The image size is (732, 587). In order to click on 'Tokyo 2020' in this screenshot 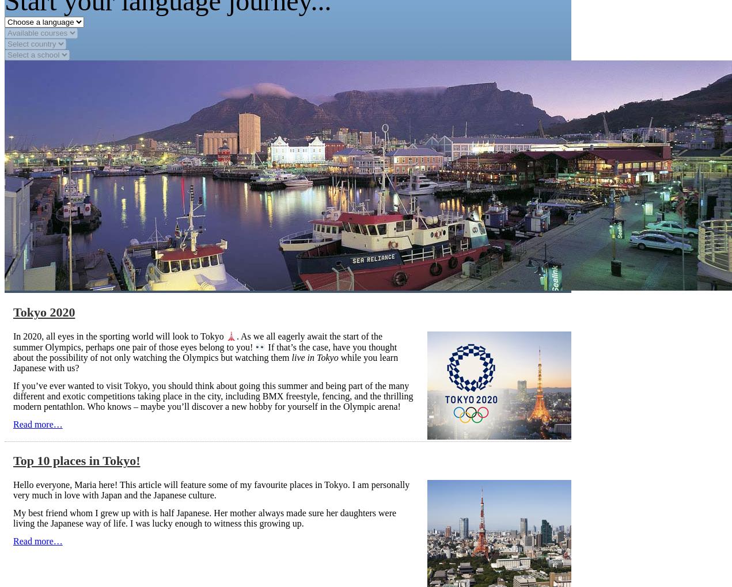, I will do `click(13, 311)`.